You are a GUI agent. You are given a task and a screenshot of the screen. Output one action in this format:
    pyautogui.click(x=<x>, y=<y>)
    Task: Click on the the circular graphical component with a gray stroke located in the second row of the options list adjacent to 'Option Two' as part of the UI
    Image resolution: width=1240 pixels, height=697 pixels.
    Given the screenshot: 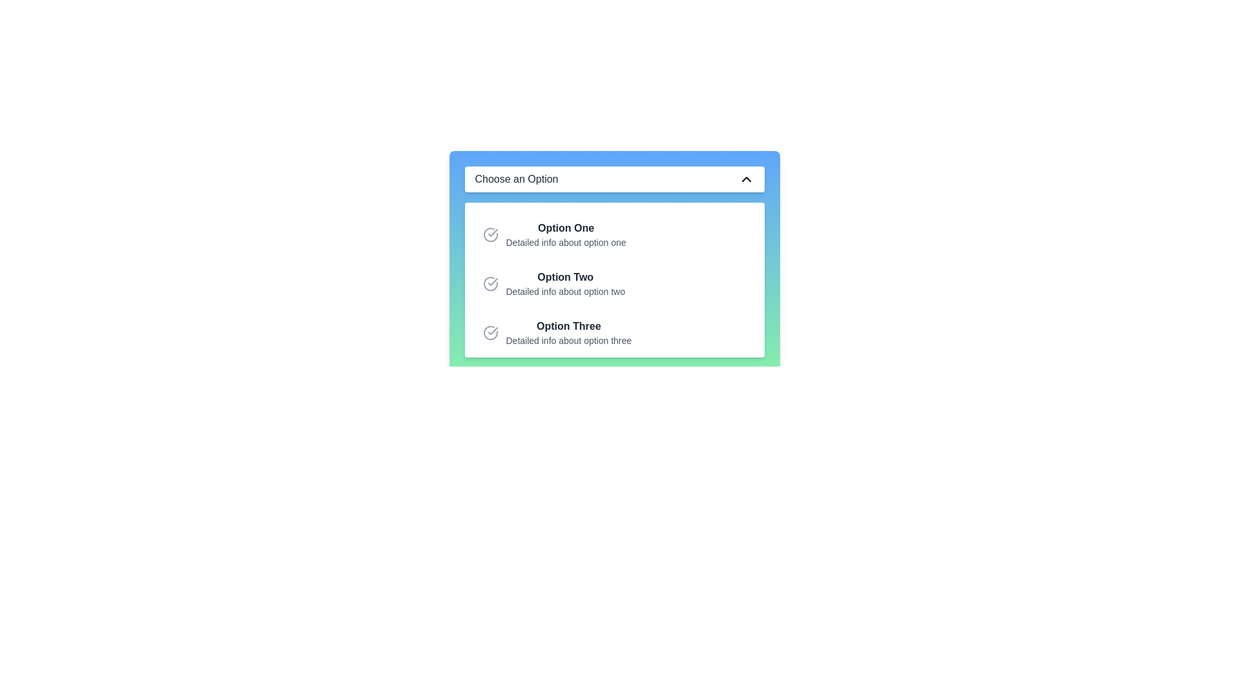 What is the action you would take?
    pyautogui.click(x=490, y=283)
    